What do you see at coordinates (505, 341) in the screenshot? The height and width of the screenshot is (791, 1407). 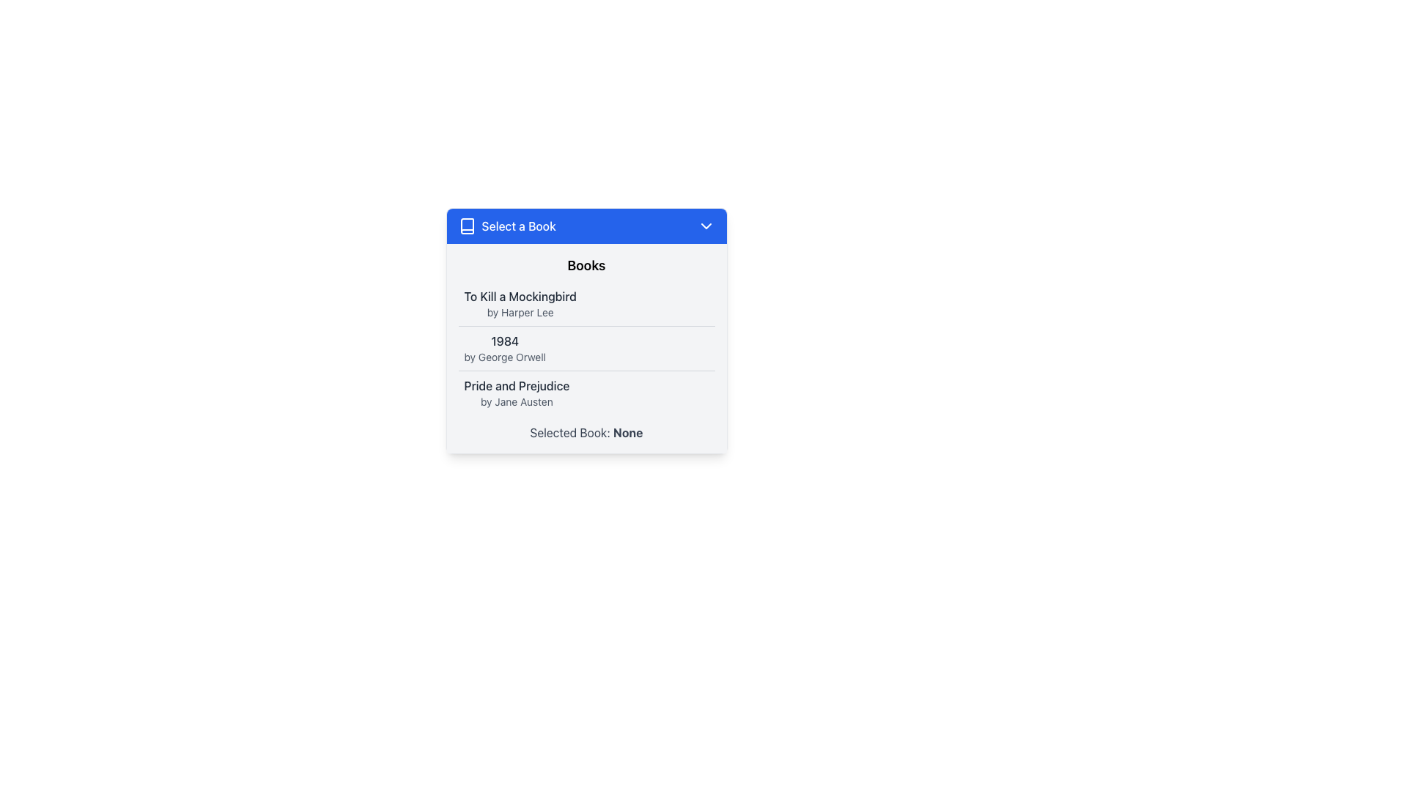 I see `the text label that identifies the book titled '1984' in the central section of the interface` at bounding box center [505, 341].